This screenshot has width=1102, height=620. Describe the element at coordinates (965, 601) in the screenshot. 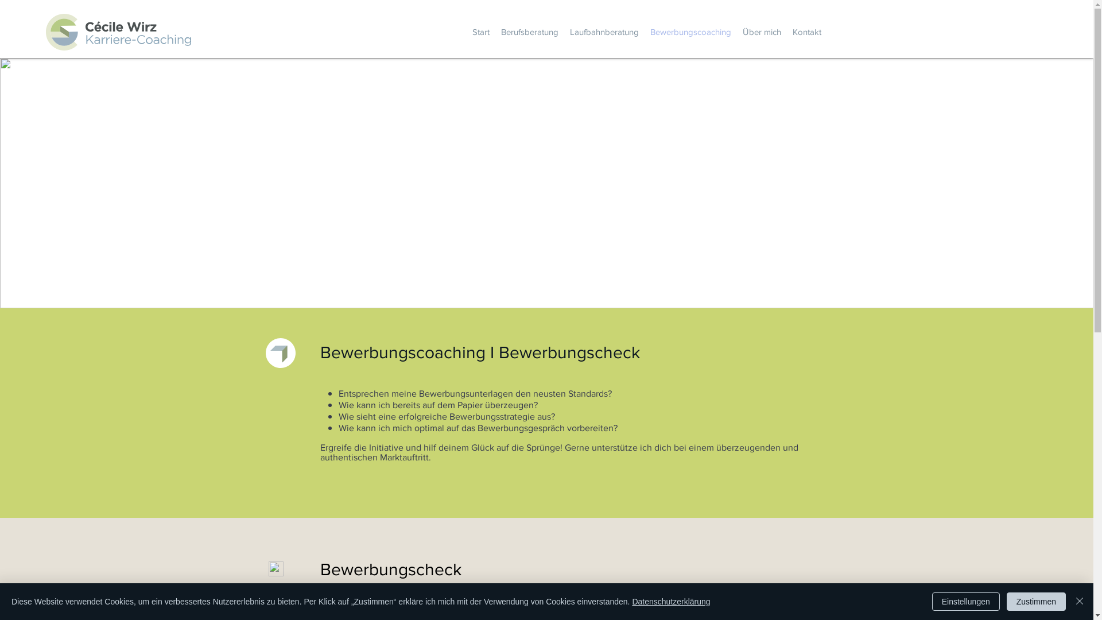

I see `'Einstellungen'` at that location.